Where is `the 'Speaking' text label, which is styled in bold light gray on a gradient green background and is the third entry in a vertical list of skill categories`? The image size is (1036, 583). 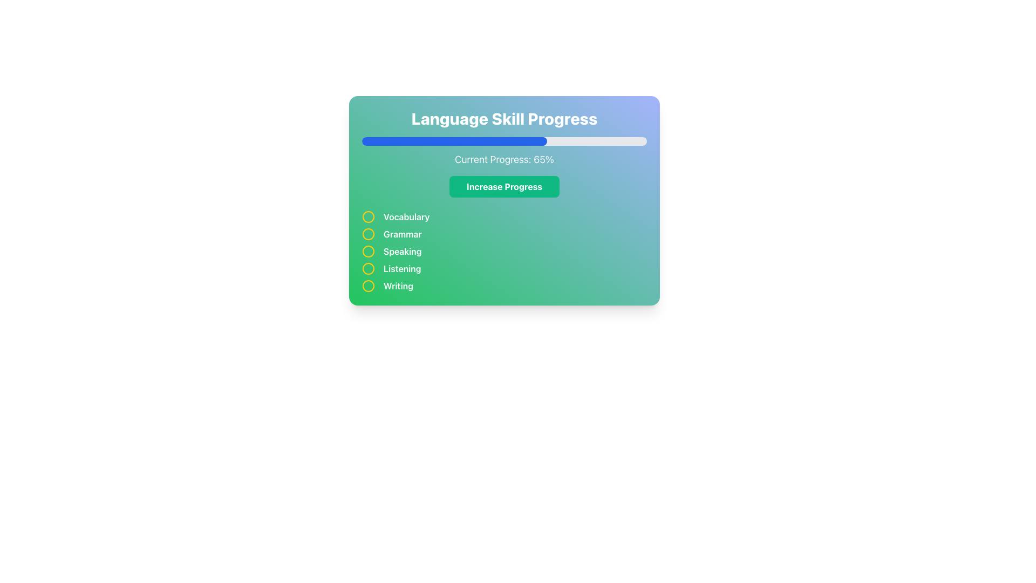
the 'Speaking' text label, which is styled in bold light gray on a gradient green background and is the third entry in a vertical list of skill categories is located at coordinates (402, 252).